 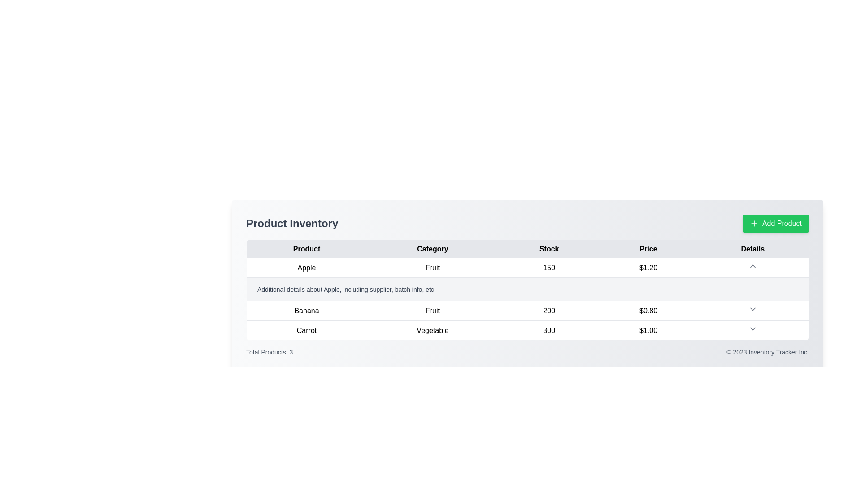 I want to click on the second row of the 'Product Inventory' table that displays details about the product 'Banana', including its category, stock, and price, so click(x=527, y=310).